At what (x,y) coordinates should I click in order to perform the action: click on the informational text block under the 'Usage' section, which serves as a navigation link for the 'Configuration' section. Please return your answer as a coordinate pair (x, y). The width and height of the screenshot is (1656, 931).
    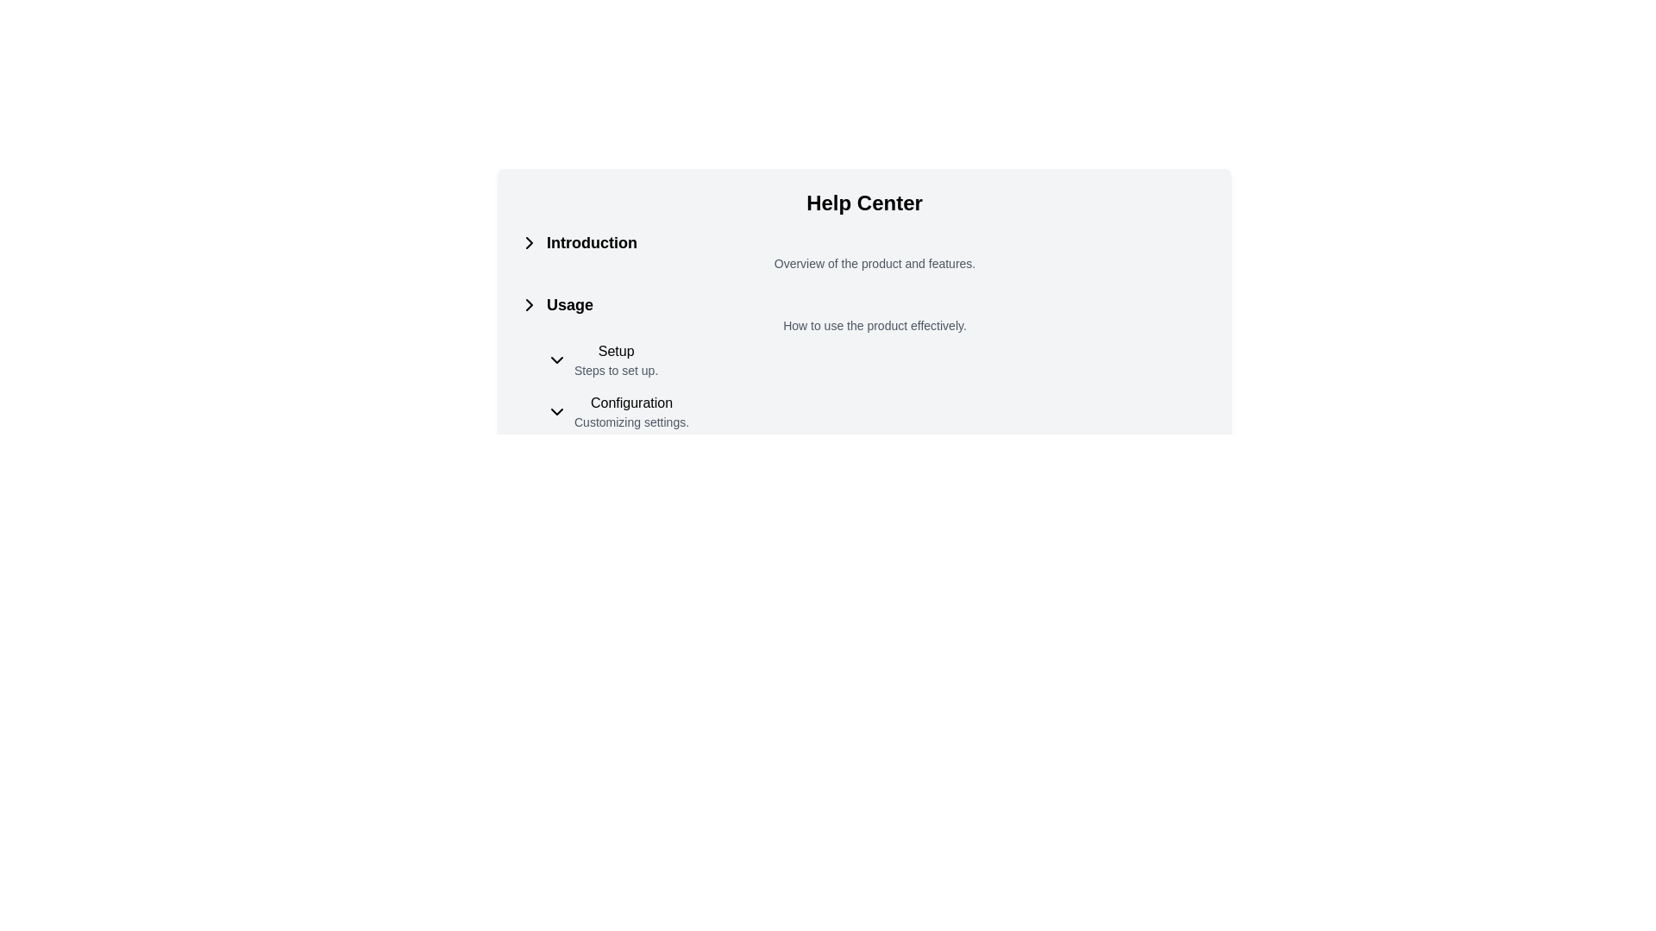
    Looking at the image, I should click on (630, 412).